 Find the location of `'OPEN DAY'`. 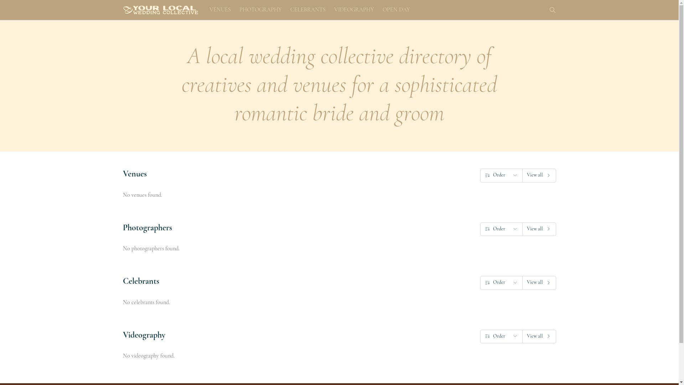

'OPEN DAY' is located at coordinates (396, 10).